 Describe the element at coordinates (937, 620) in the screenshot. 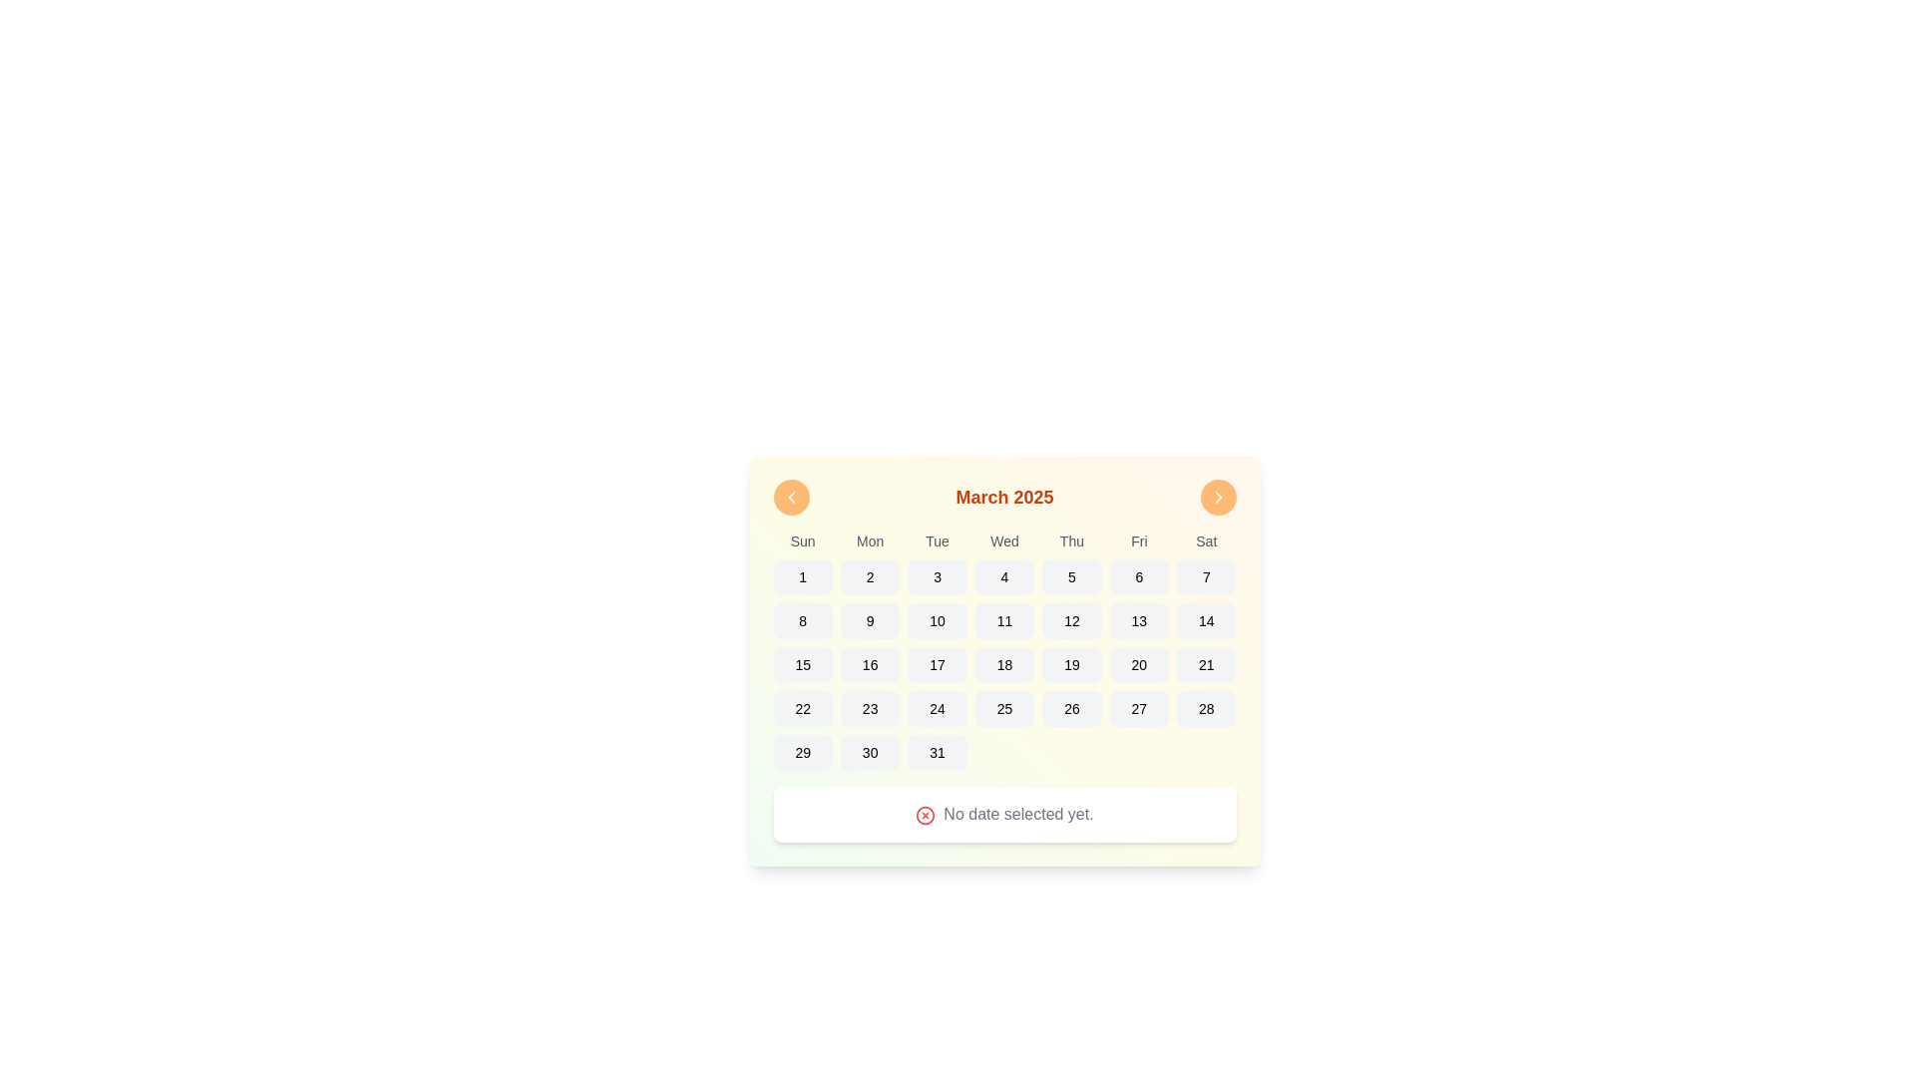

I see `the rectangular button labeled '10' in the third column and third row of the monthly calendar grid` at that location.